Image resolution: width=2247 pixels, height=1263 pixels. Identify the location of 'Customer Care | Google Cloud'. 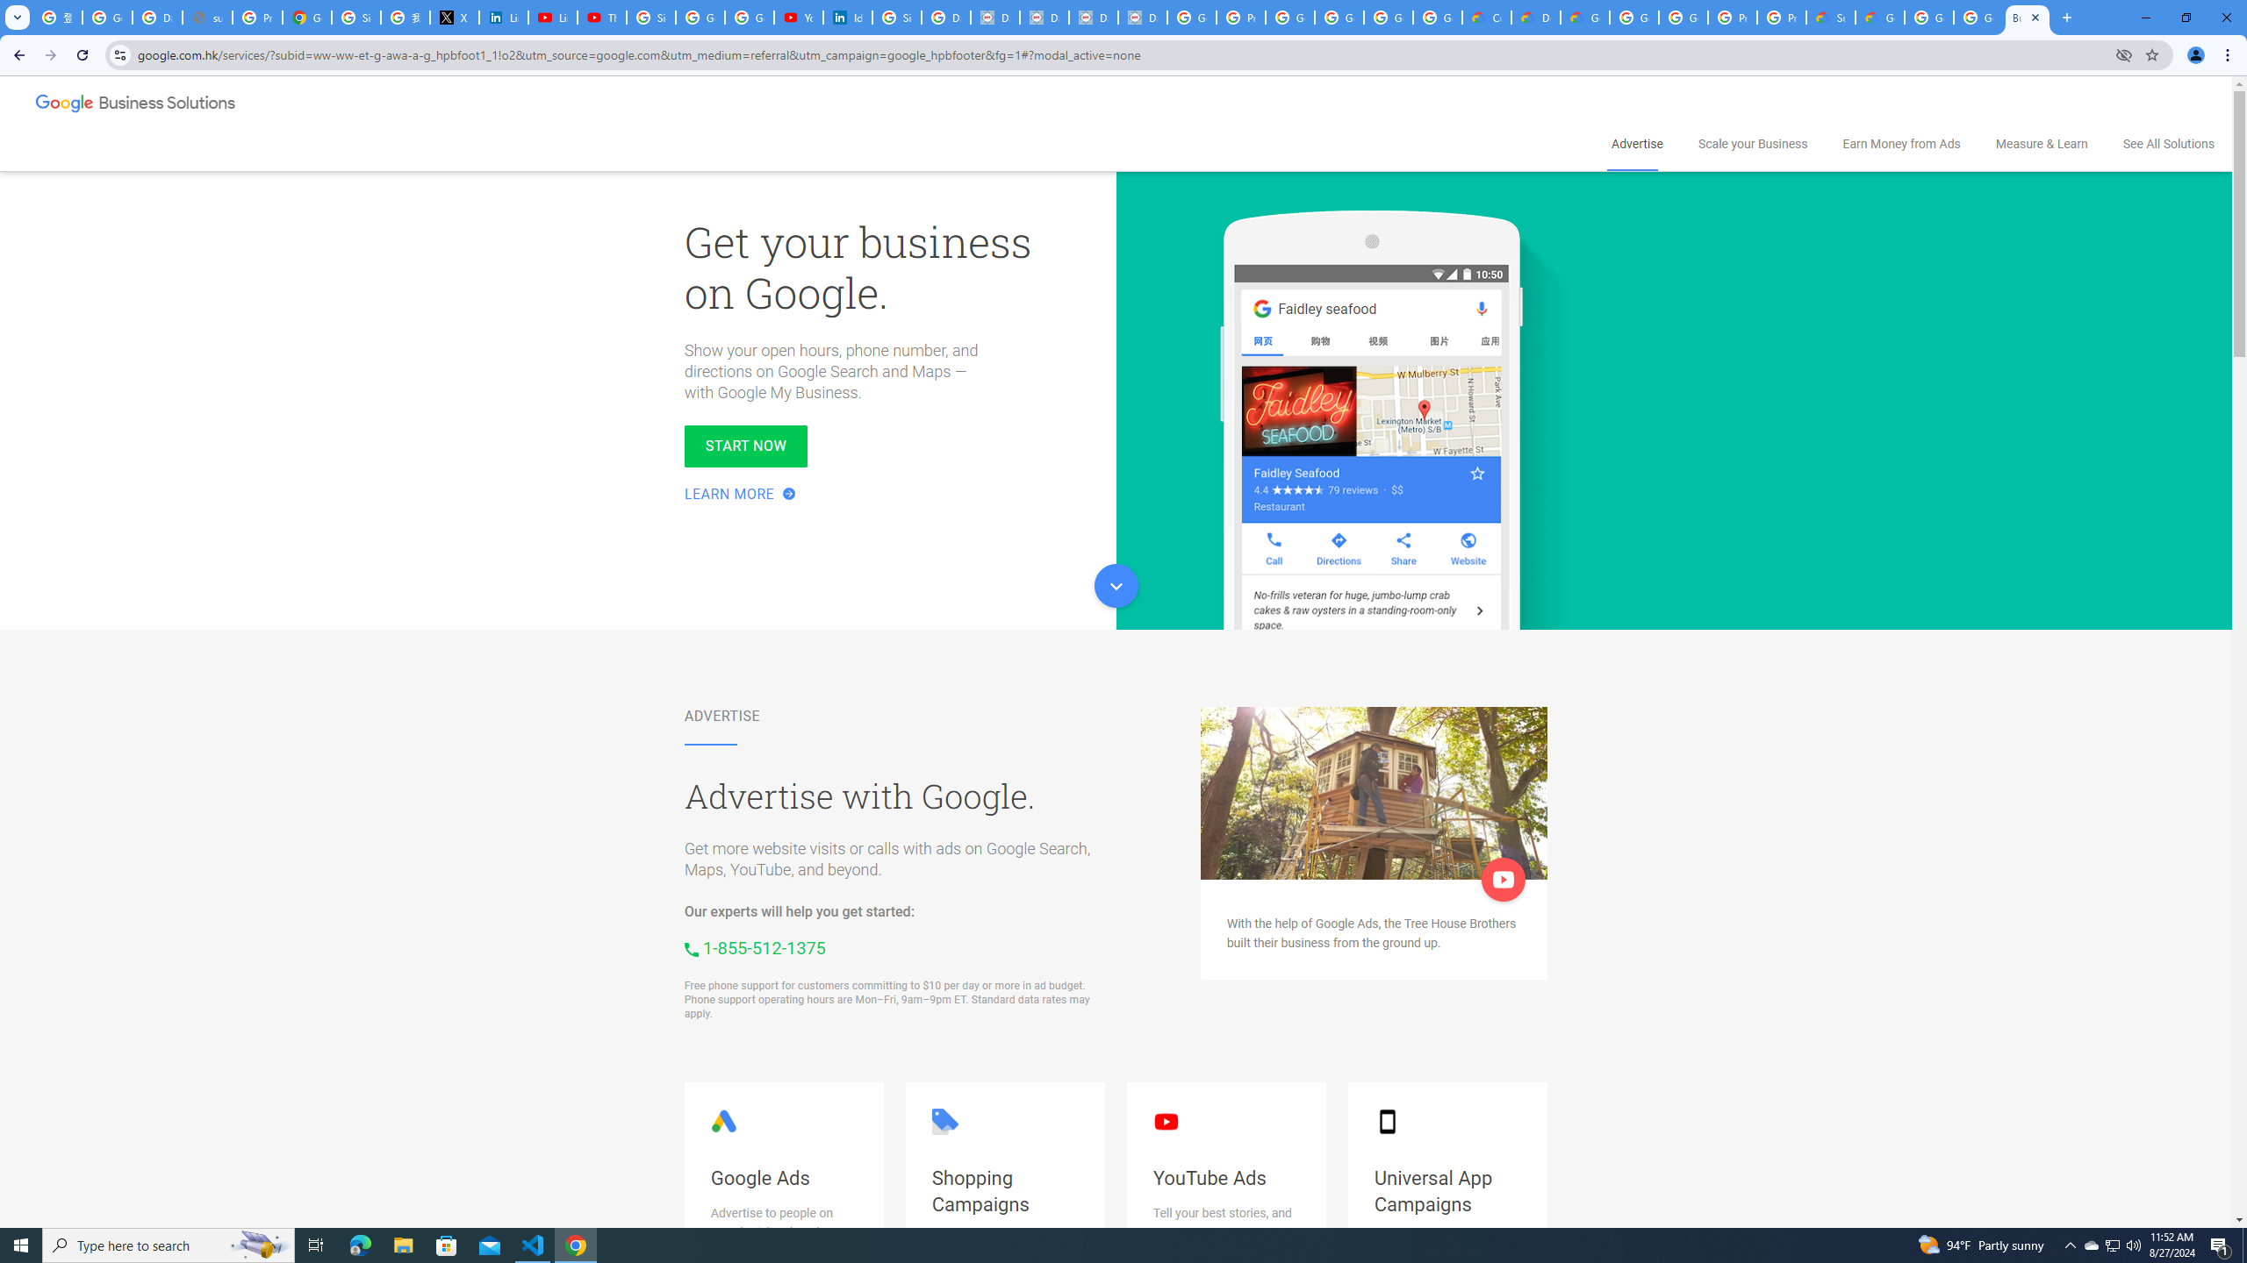
(1485, 17).